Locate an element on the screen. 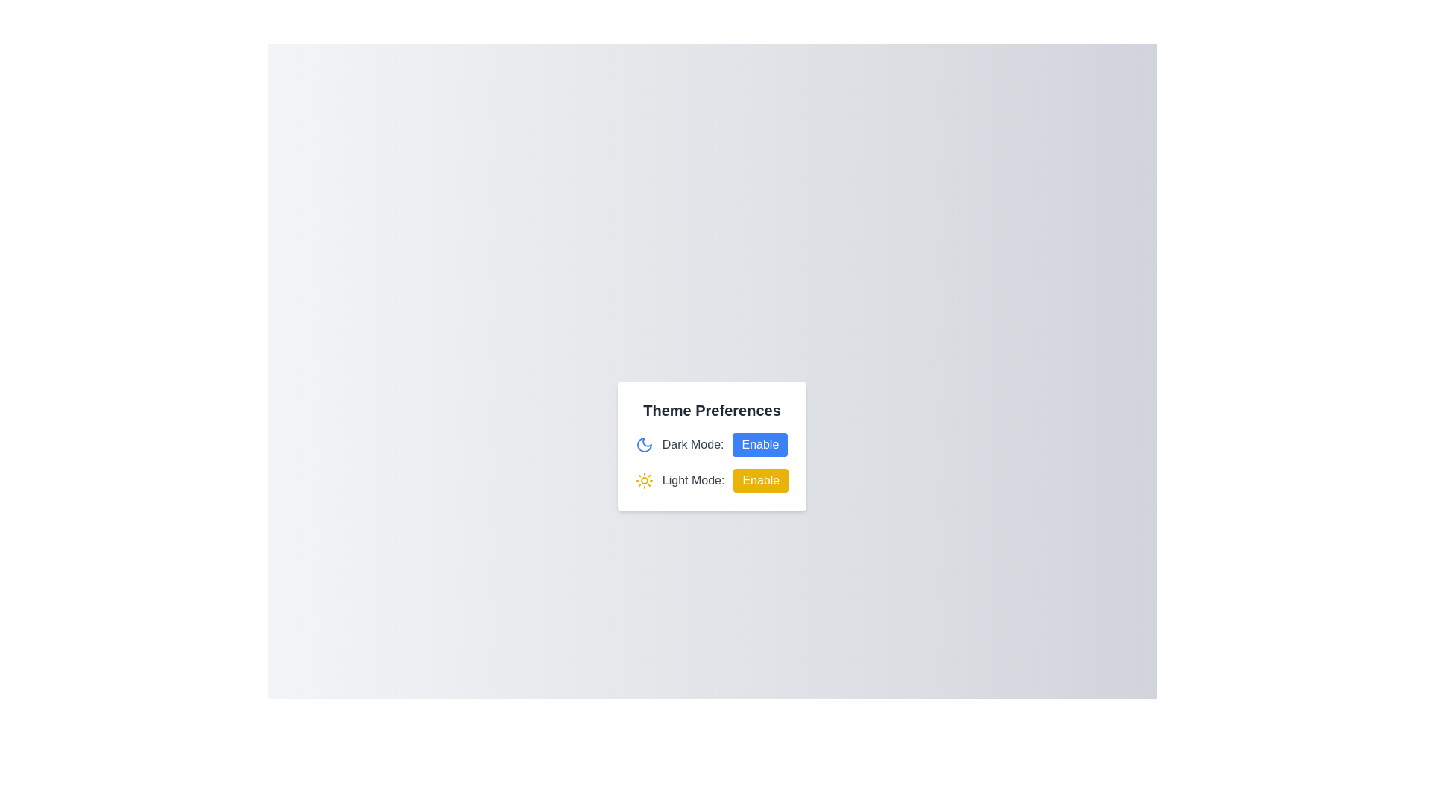 The image size is (1431, 805). the 'Dark Mode:' composite component, which includes a moon icon and an 'Enable' button, for additional information is located at coordinates (711, 444).